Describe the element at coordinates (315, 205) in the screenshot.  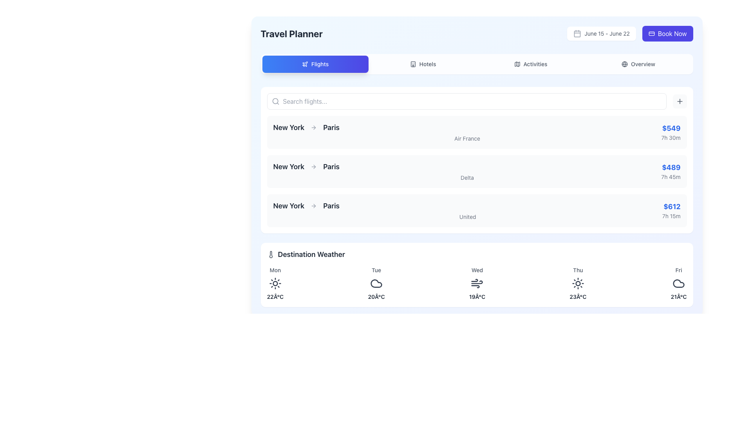
I see `the right arrow shaped icon located under the flight options section associated with 'New York → Paris'` at that location.